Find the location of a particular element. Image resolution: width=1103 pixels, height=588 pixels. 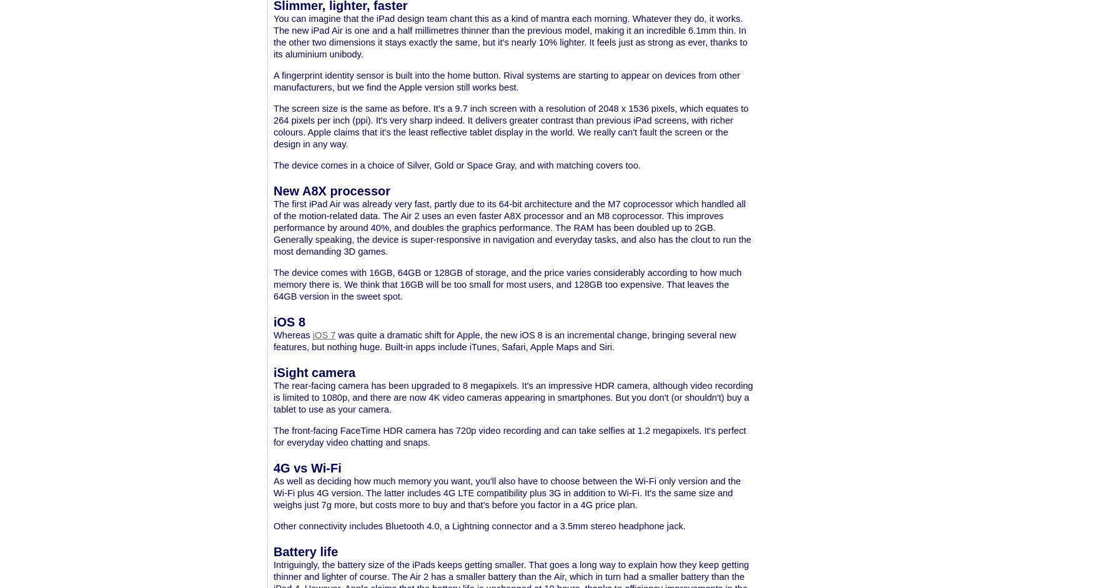

'As well as deciding how much memory you want, you'll also have to choose between the Wi-Fi only version and the Wi-Fi plus 4G version. The latter includes 4G LTE compatibility plus 3G in addition to Wi-Fi. It's the same size and weighs just 7g more, but costs more to buy and that's before you factor in a 4G price plan.' is located at coordinates (507, 492).